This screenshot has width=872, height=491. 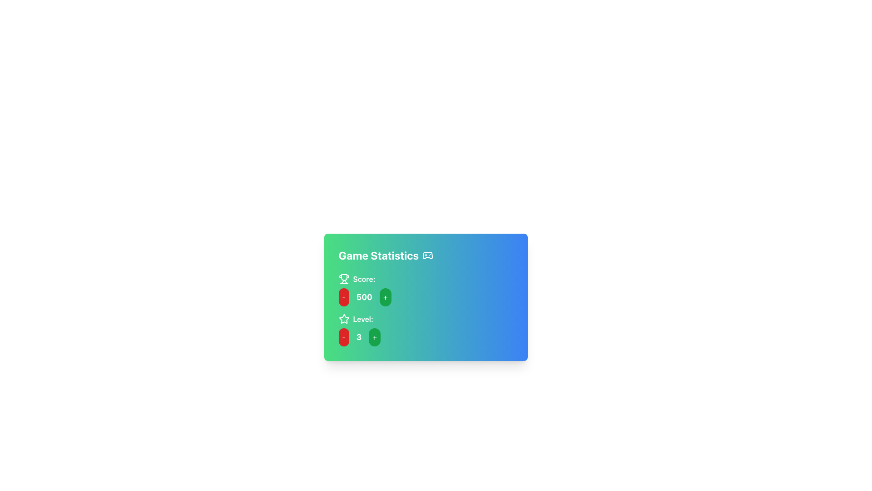 I want to click on the game controller icon located in the top-right corner of the 'Game Statistics' panel, so click(x=427, y=256).